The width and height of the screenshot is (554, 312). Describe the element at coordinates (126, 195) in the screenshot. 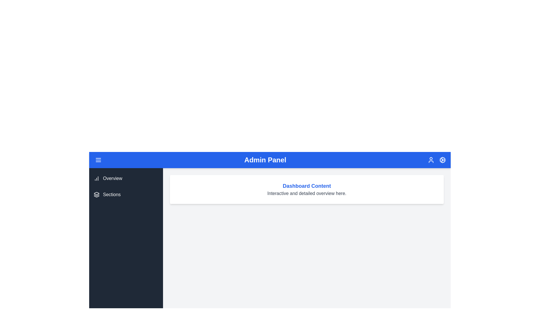

I see `the menu item Sections to preview its interaction` at that location.